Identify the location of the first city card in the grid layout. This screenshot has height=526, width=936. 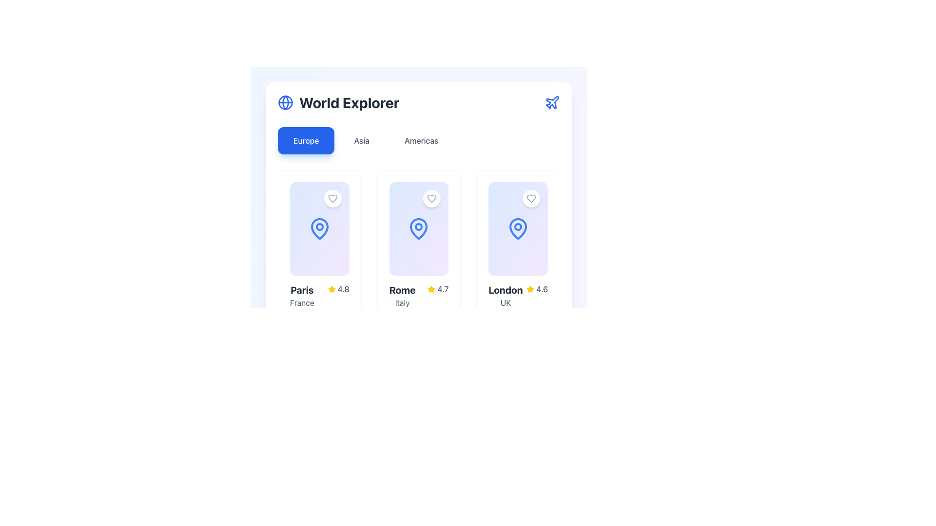
(319, 274).